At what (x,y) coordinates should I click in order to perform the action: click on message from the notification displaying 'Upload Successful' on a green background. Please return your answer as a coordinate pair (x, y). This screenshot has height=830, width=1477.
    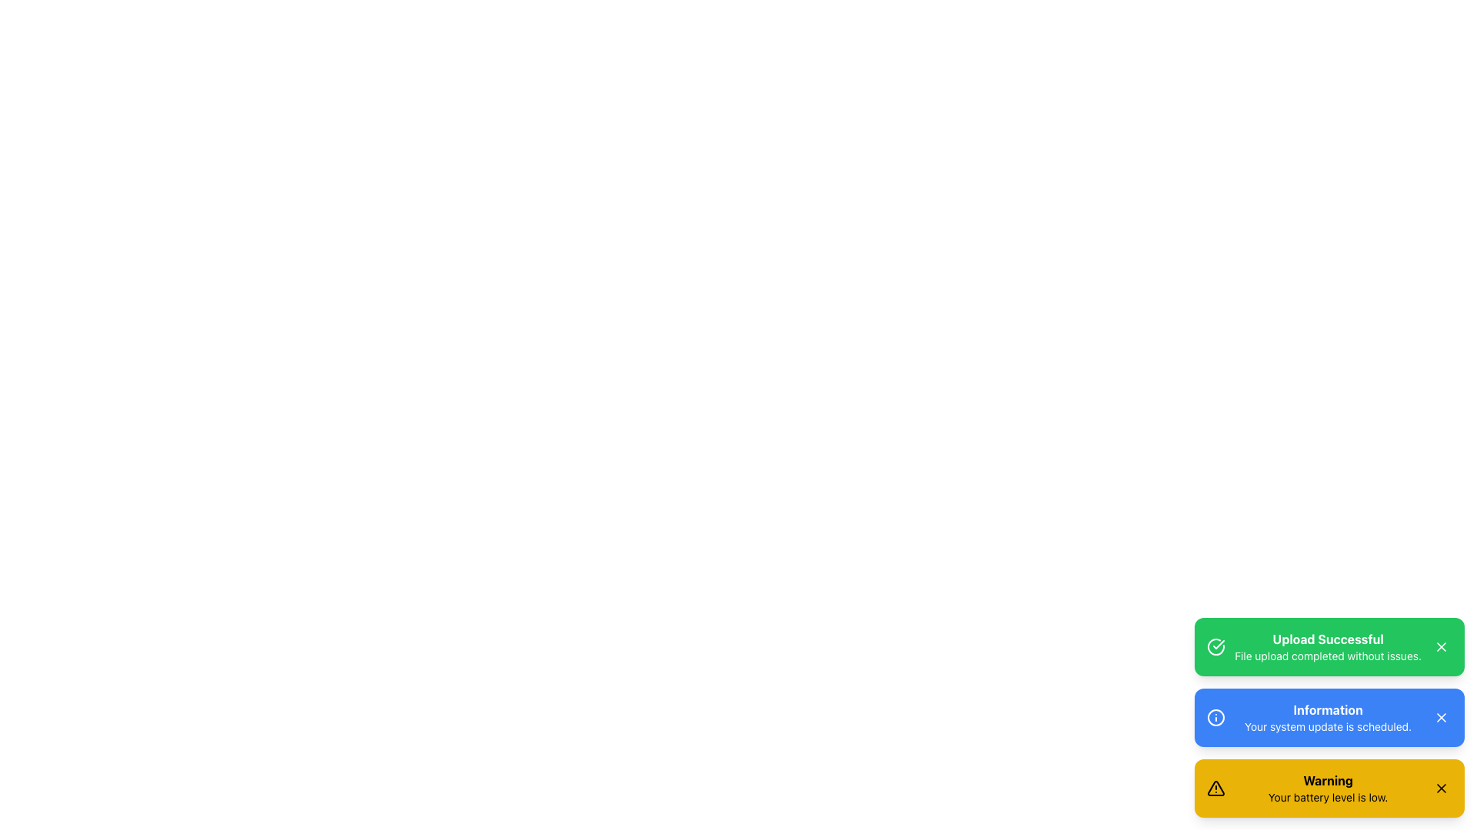
    Looking at the image, I should click on (1327, 646).